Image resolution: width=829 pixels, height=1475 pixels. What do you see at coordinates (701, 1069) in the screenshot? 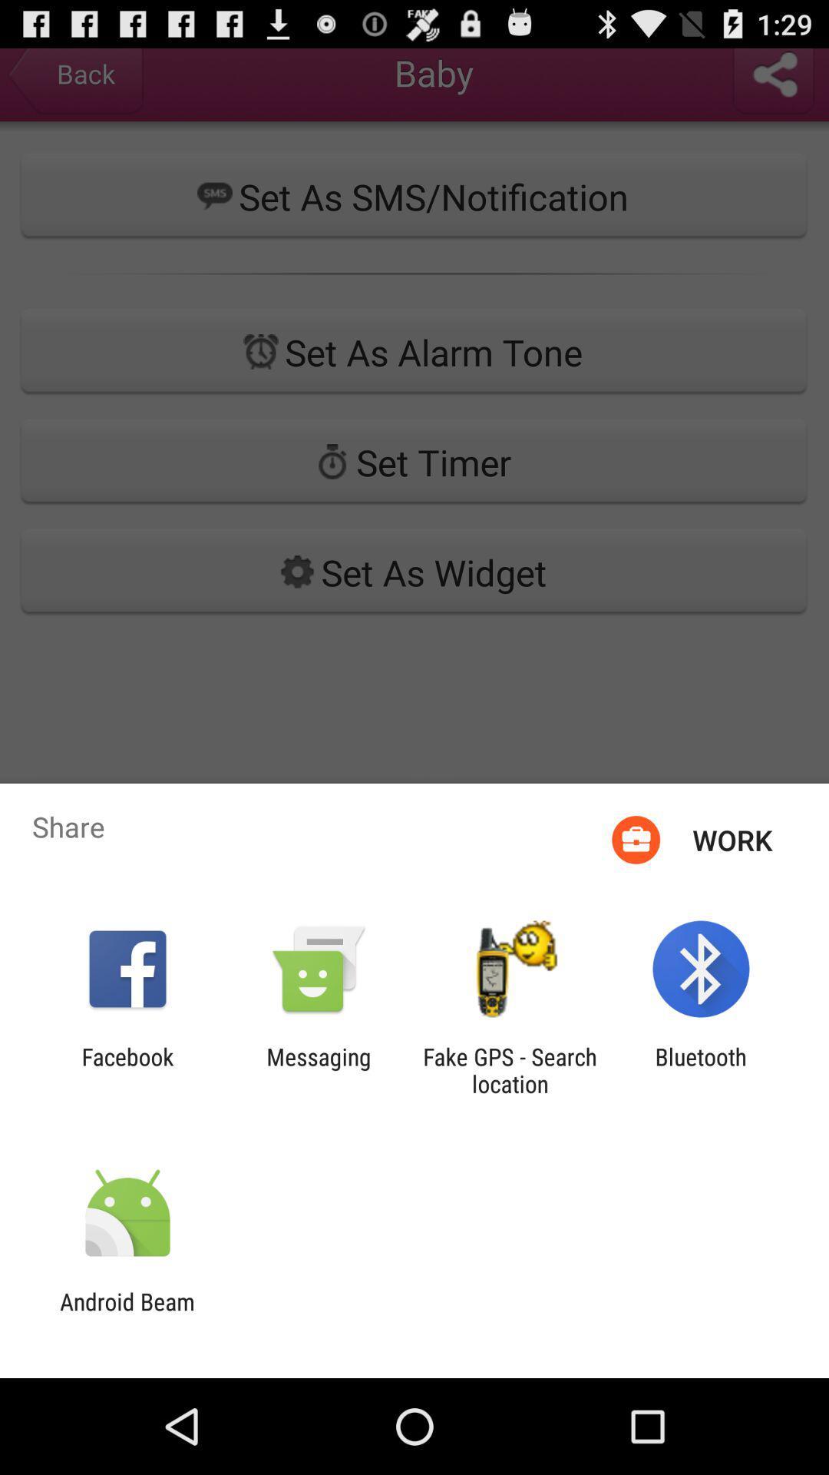
I see `item to the right of the fake gps search app` at bounding box center [701, 1069].